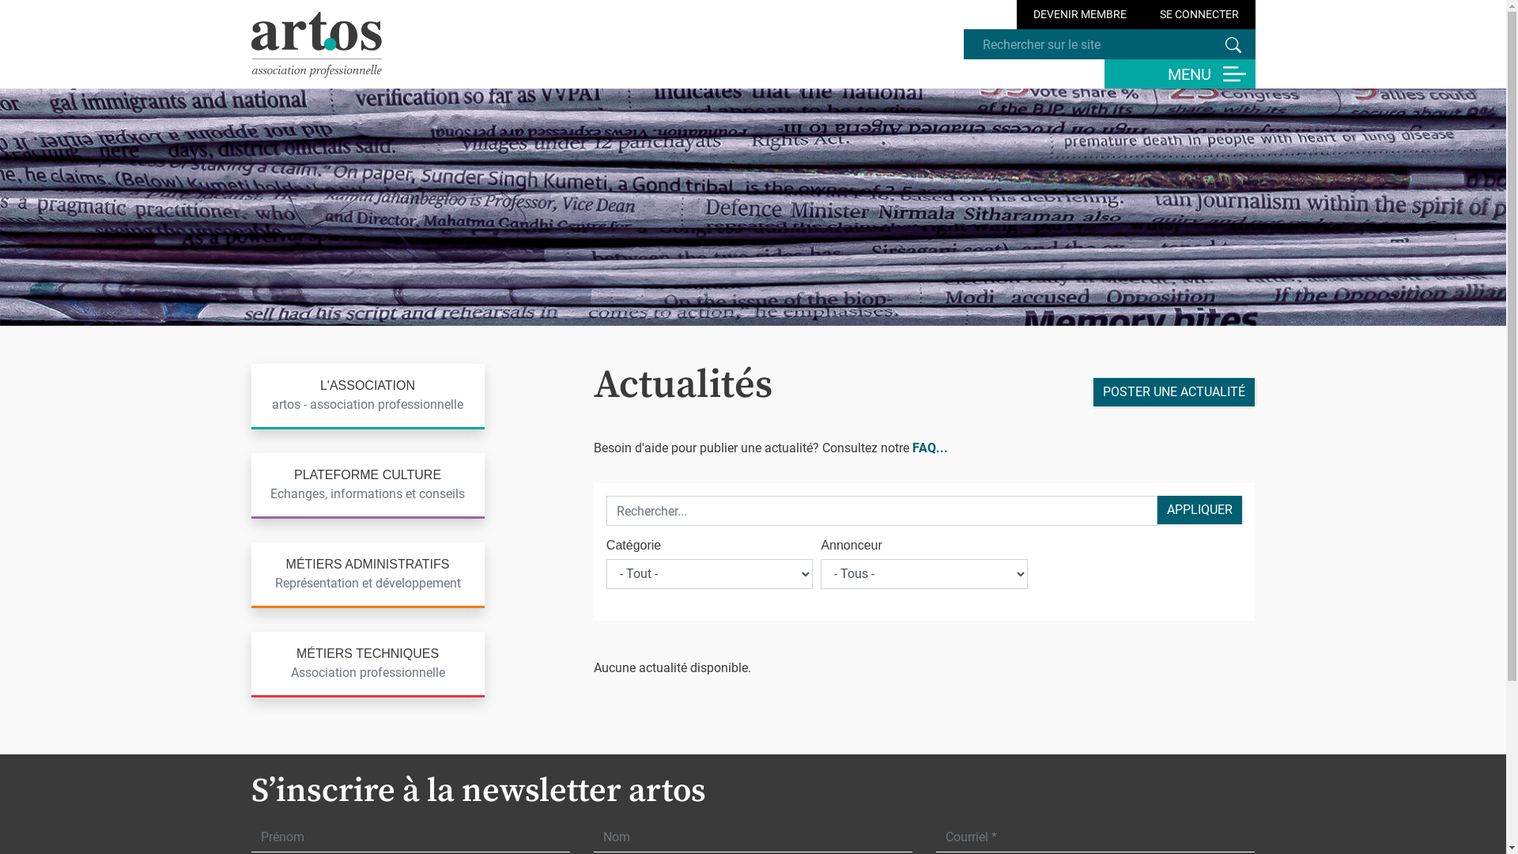  Describe the element at coordinates (1233, 44) in the screenshot. I see `'Rechercher'` at that location.